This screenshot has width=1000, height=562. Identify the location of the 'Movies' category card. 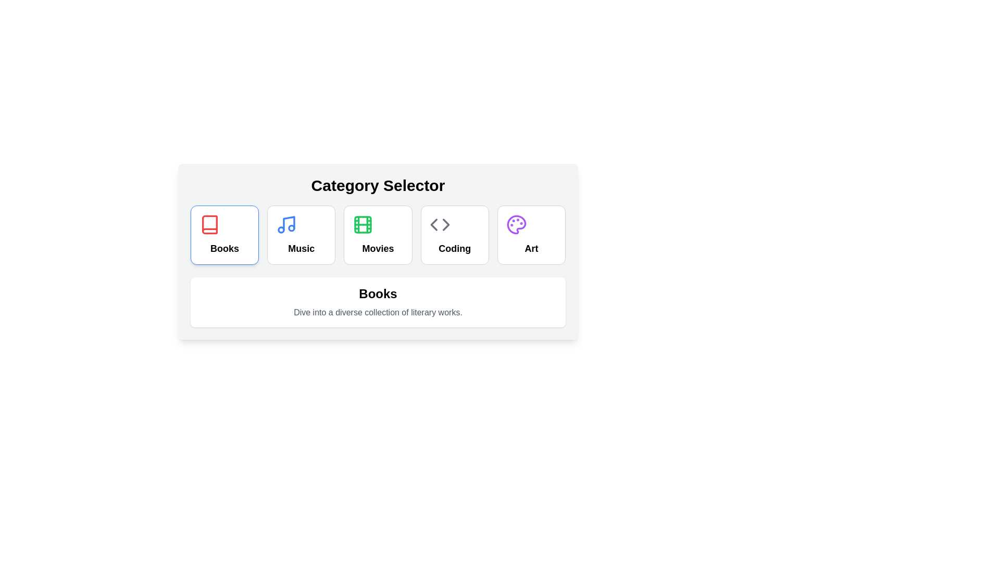
(377, 235).